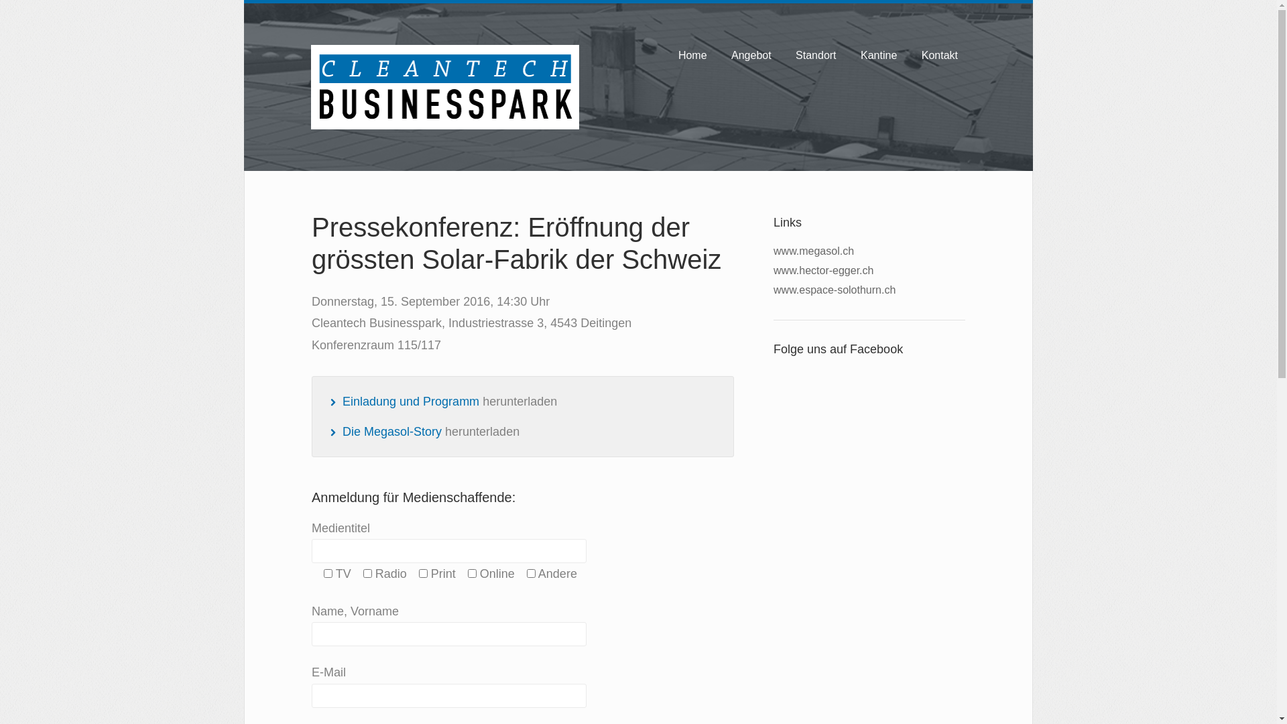  What do you see at coordinates (852, 55) in the screenshot?
I see `'Kantine'` at bounding box center [852, 55].